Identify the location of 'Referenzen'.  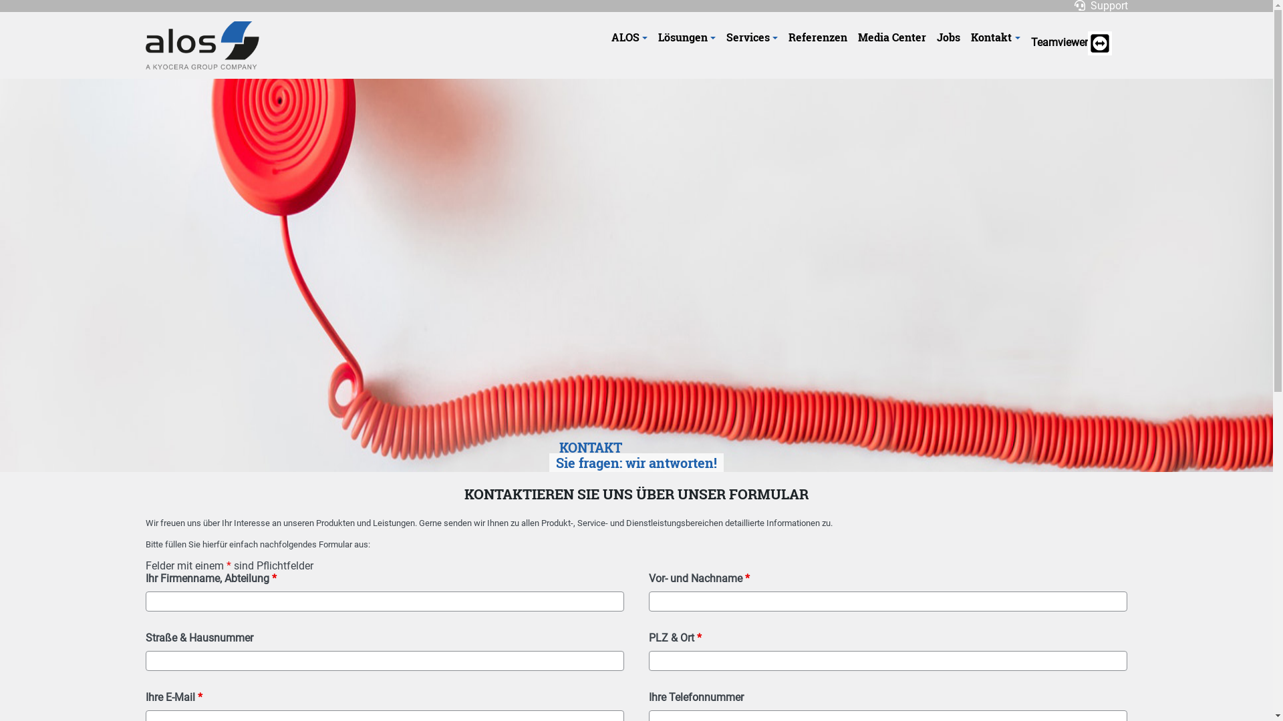
(817, 37).